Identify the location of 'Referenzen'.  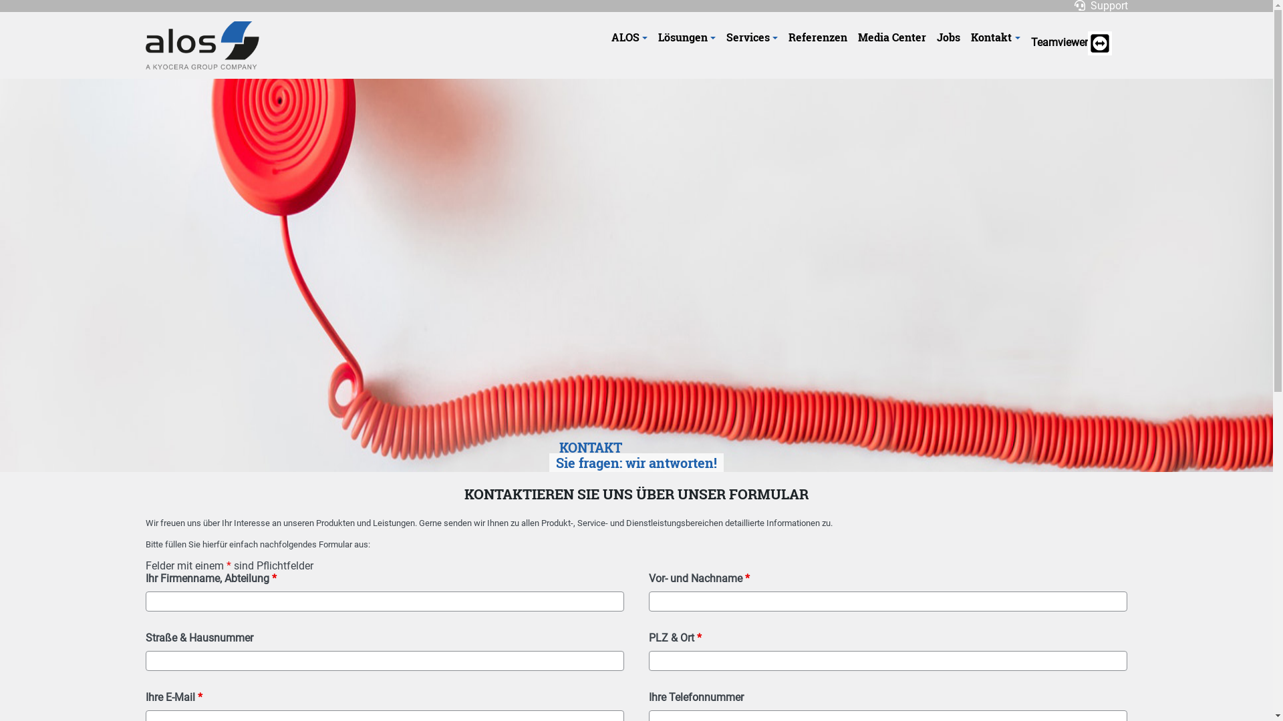
(817, 37).